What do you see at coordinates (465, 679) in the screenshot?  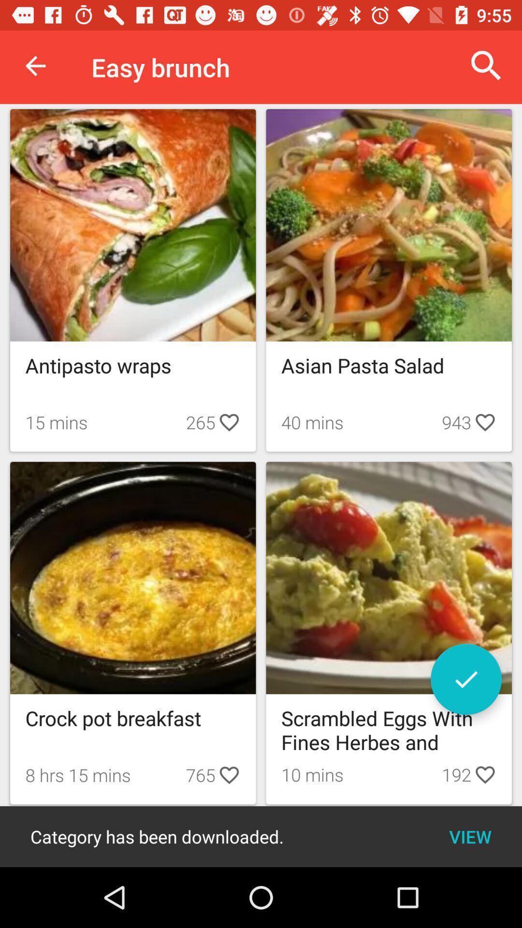 I see `icon above the 192 item` at bounding box center [465, 679].